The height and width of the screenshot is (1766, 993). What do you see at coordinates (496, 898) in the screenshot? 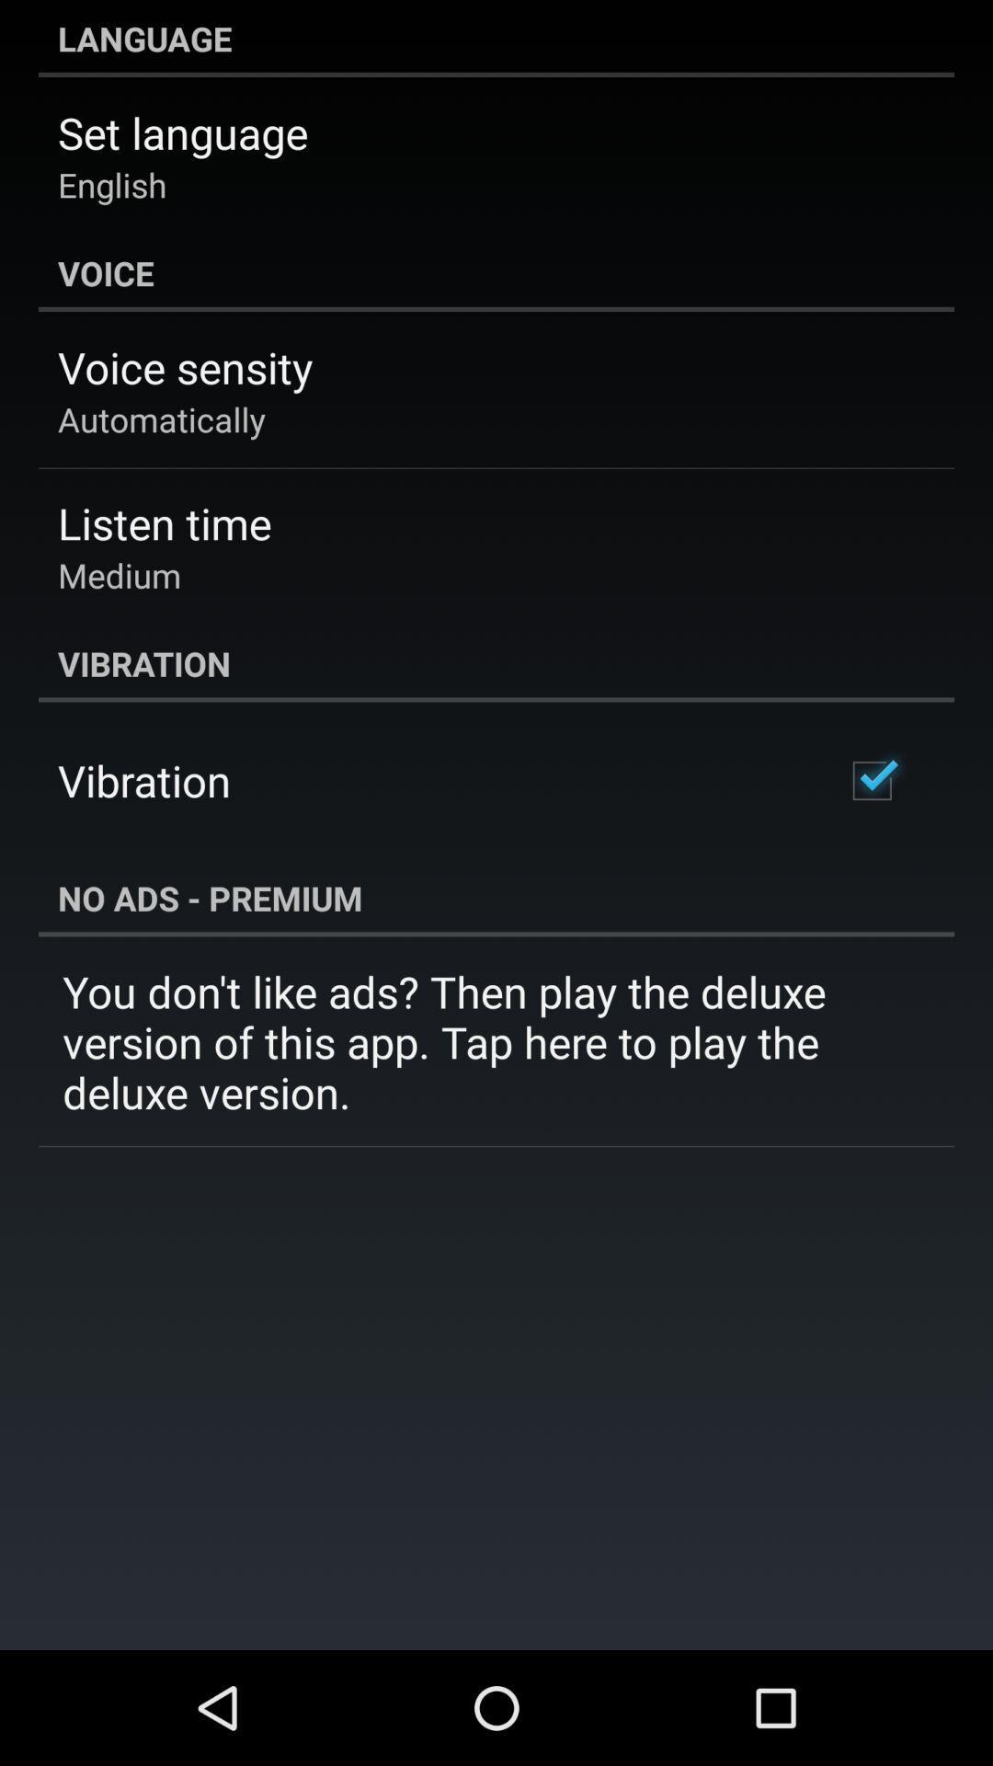
I see `no ads - premium icon` at bounding box center [496, 898].